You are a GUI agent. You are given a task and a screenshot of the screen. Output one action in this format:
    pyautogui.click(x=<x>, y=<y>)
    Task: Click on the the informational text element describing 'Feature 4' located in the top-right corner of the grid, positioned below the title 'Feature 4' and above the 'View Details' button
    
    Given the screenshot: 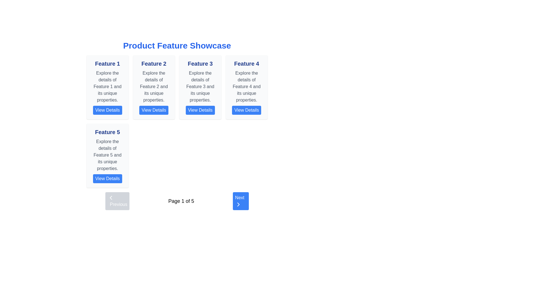 What is the action you would take?
    pyautogui.click(x=247, y=86)
    